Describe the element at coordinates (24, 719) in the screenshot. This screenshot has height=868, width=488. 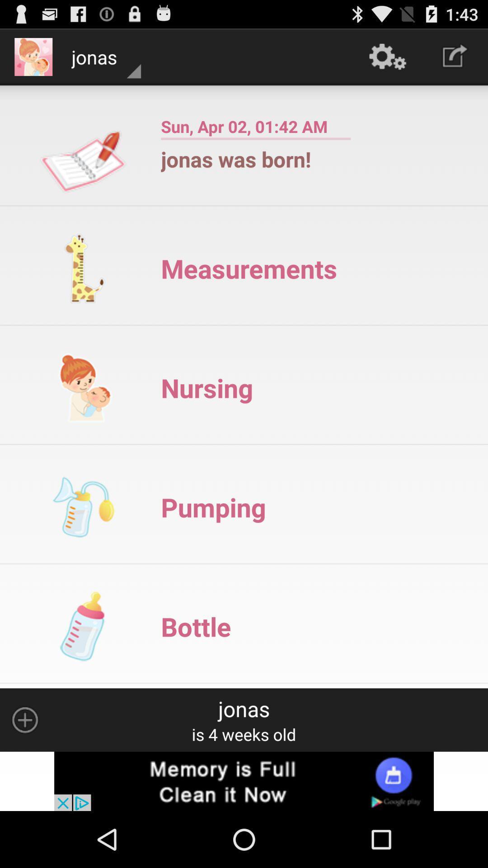
I see `click` at that location.